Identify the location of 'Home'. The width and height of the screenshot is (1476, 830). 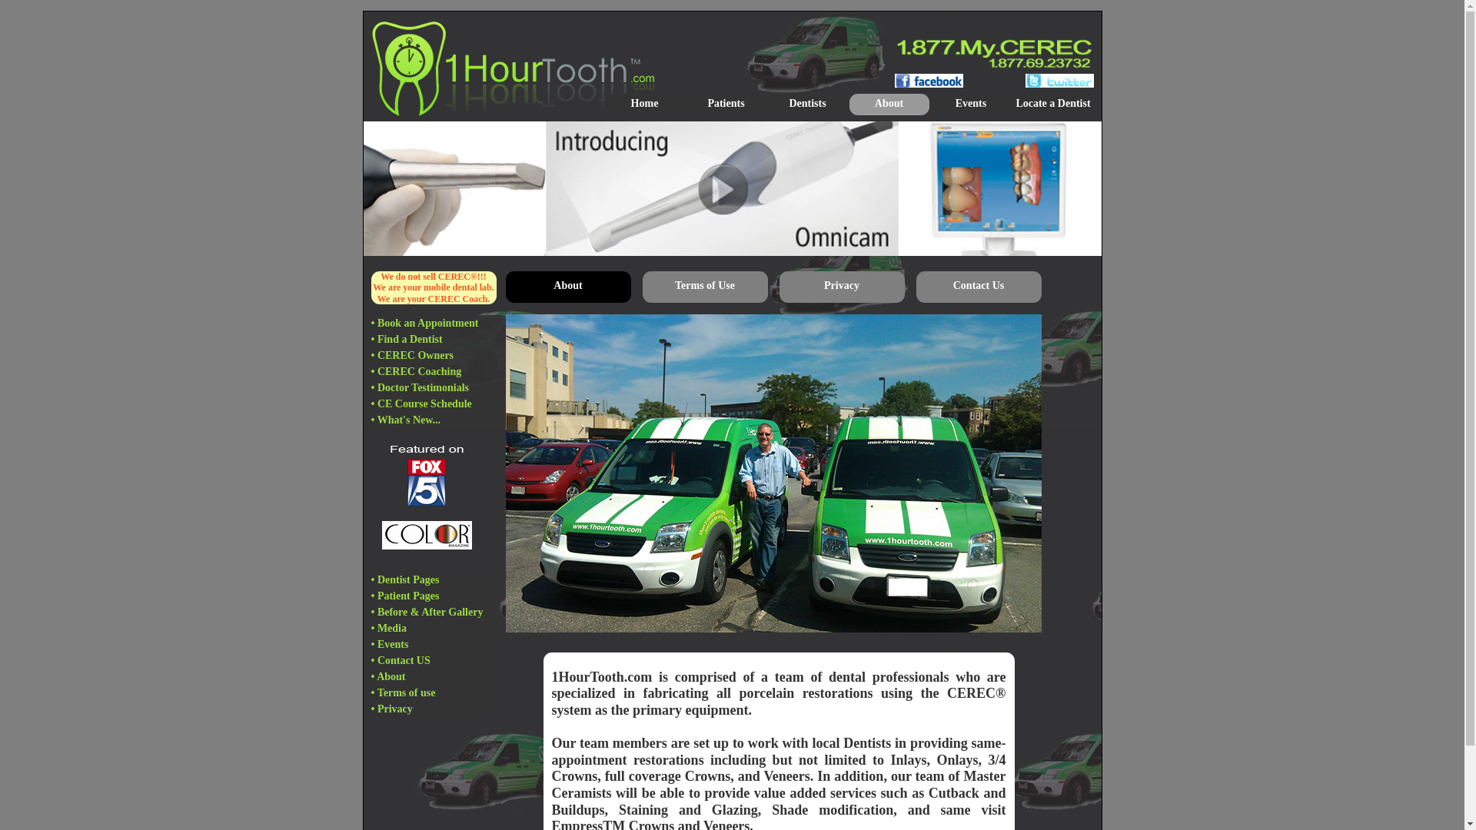
(644, 104).